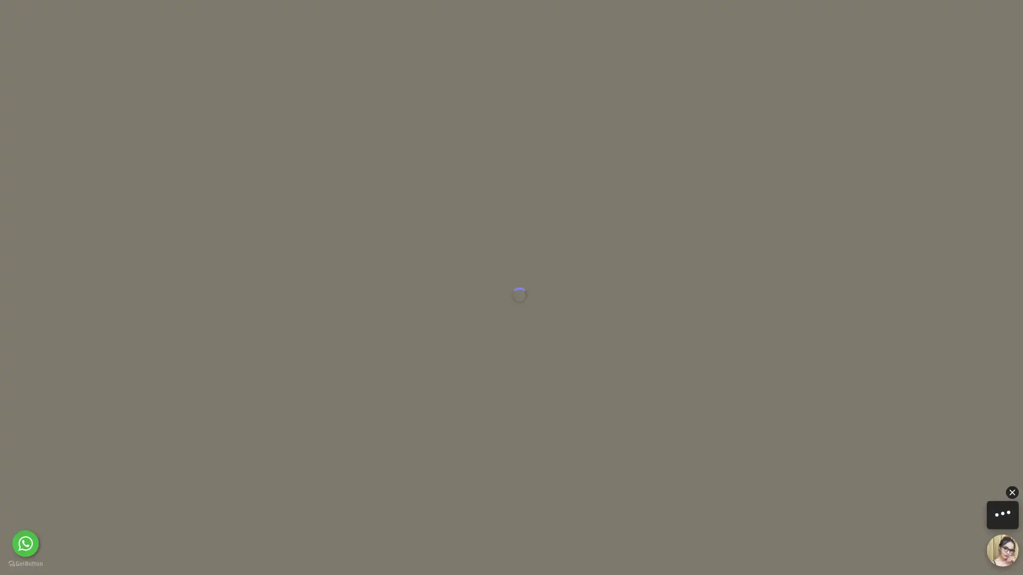 This screenshot has width=1023, height=575. Describe the element at coordinates (785, 18) in the screenshot. I see `DAFTAR` at that location.